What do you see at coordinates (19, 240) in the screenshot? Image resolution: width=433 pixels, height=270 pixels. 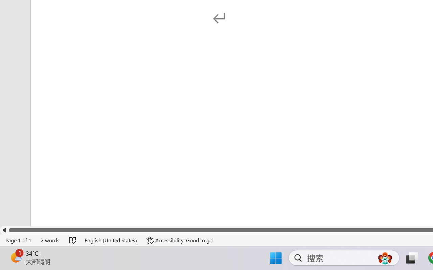 I see `'Page Number Page 1 of 1'` at bounding box center [19, 240].